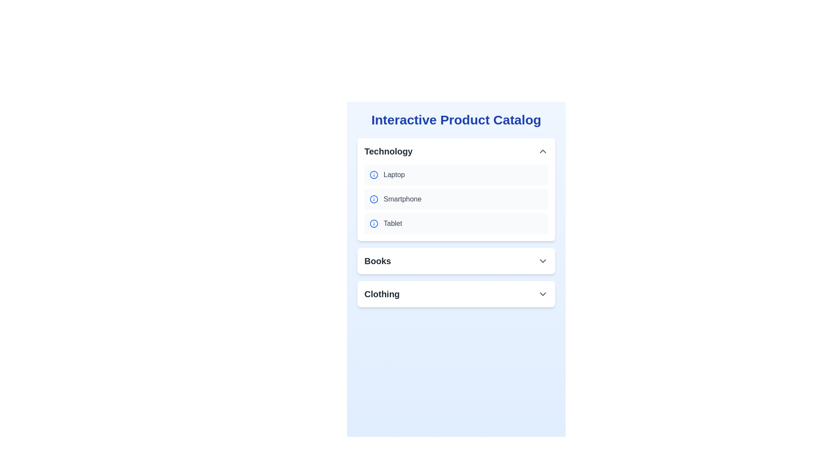 The width and height of the screenshot is (836, 470). What do you see at coordinates (455, 222) in the screenshot?
I see `the third list item in the 'Technology' section that provides an overview of the Tablet category` at bounding box center [455, 222].